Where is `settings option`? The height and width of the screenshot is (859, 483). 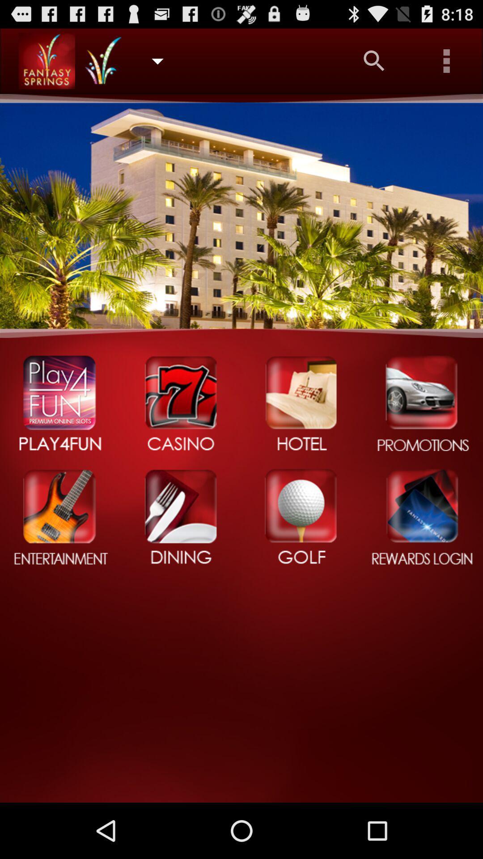 settings option is located at coordinates (447, 60).